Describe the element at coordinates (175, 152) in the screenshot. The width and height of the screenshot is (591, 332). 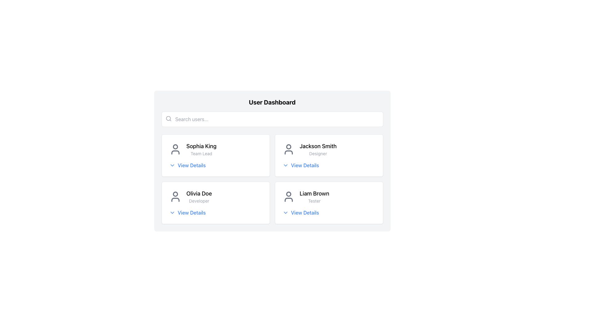
I see `the lower half of the user icon located within the leftmost user card in the dashboard` at that location.